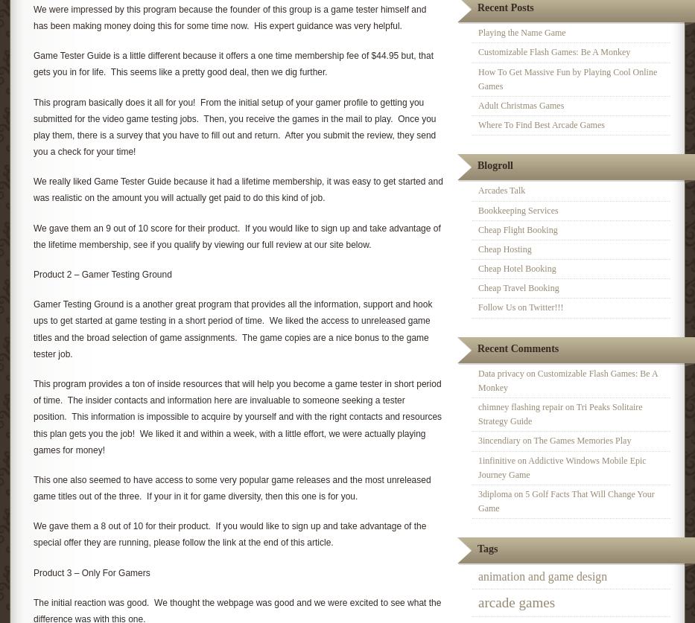  I want to click on 'We gave them a 8 out of 10 for their product.  If you would like to sign up and take advantage of the special offer they are running, please follow the link at the end of this article.', so click(229, 533).